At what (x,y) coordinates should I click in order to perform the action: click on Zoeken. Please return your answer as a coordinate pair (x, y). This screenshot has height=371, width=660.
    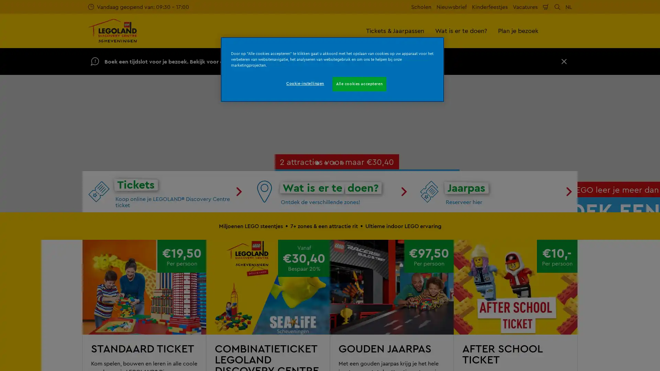
    Looking at the image, I should click on (557, 7).